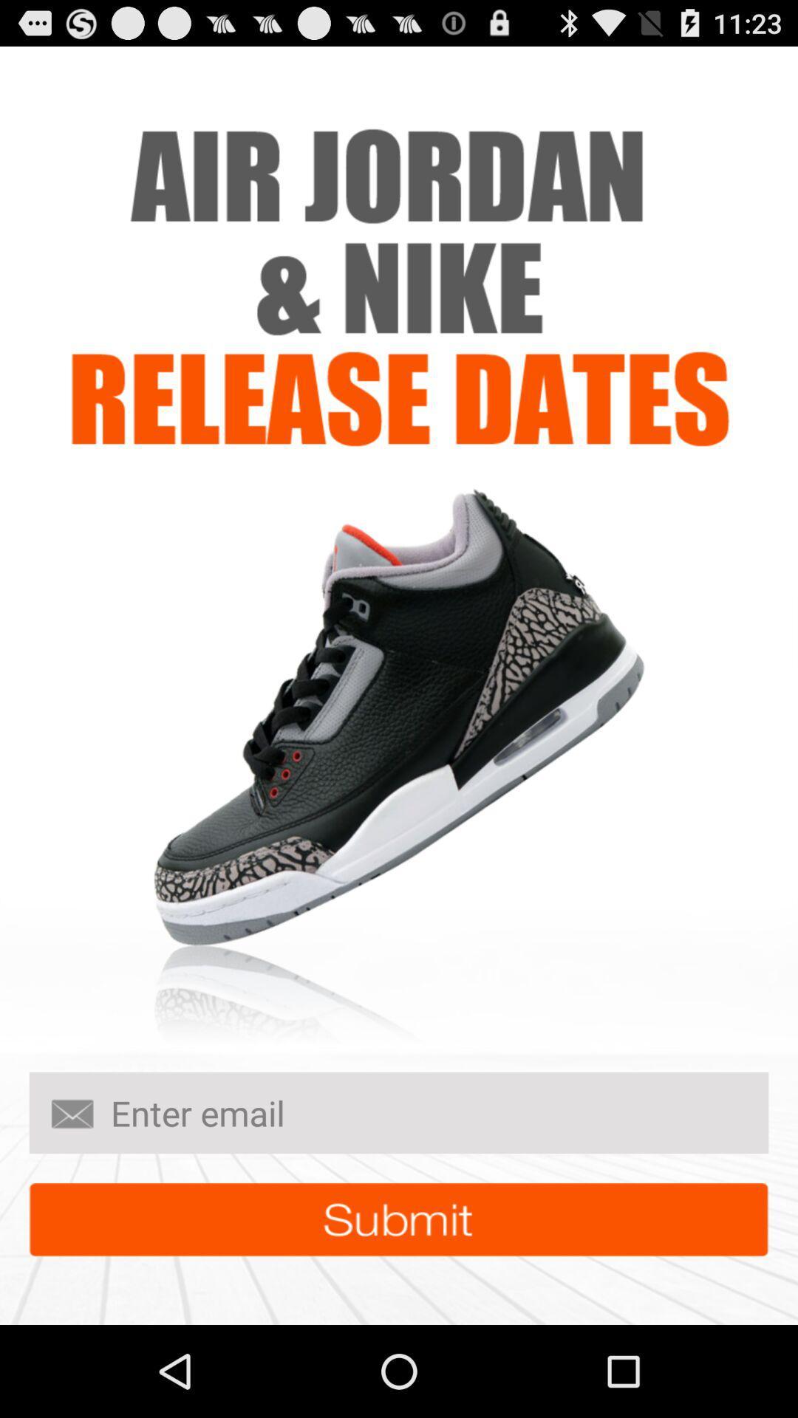  What do you see at coordinates (399, 1113) in the screenshot?
I see `write the email` at bounding box center [399, 1113].